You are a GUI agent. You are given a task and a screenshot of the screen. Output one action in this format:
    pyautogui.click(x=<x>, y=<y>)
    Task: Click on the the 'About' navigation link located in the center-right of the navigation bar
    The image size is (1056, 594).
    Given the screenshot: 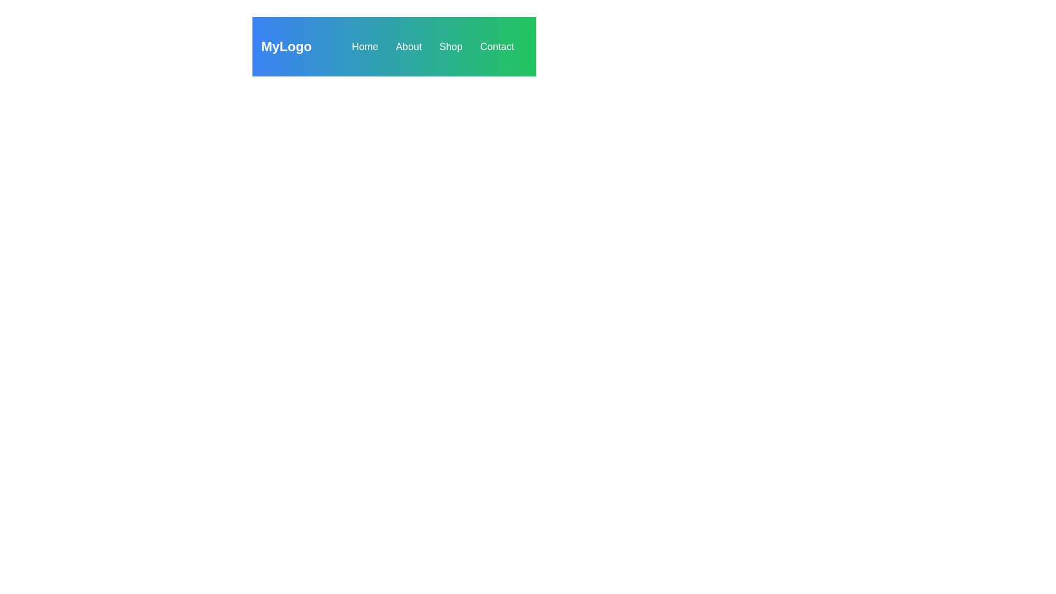 What is the action you would take?
    pyautogui.click(x=408, y=46)
    